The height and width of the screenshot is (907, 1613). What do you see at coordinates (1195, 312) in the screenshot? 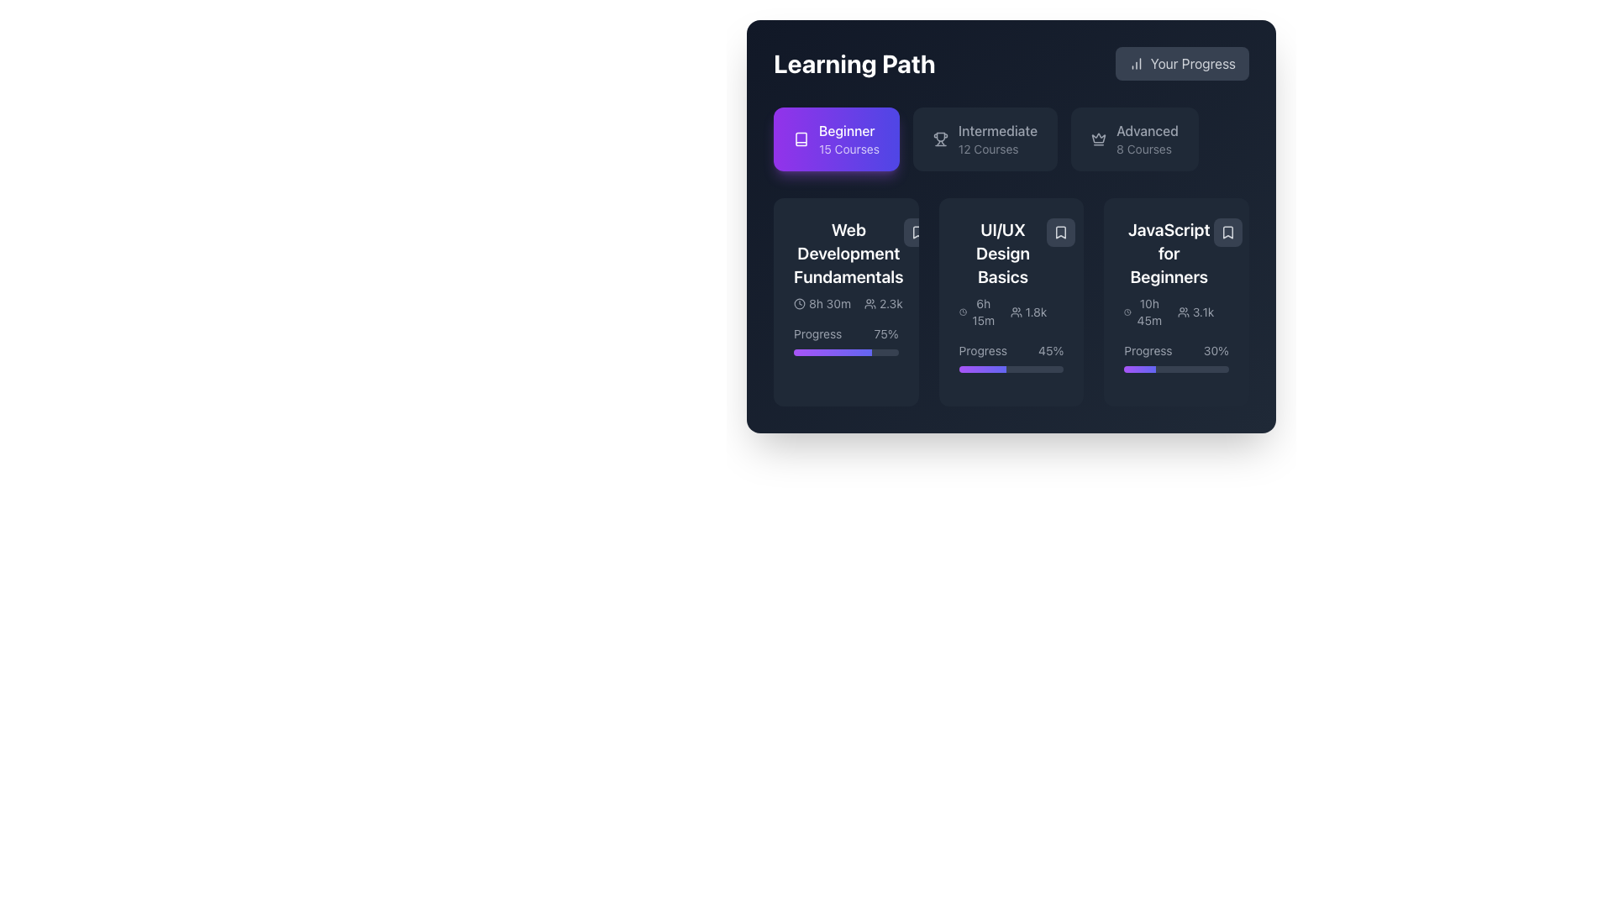
I see `the numeric metric display element in the bottom-right corner of the 'JavaScript for Beginners' card` at bounding box center [1195, 312].